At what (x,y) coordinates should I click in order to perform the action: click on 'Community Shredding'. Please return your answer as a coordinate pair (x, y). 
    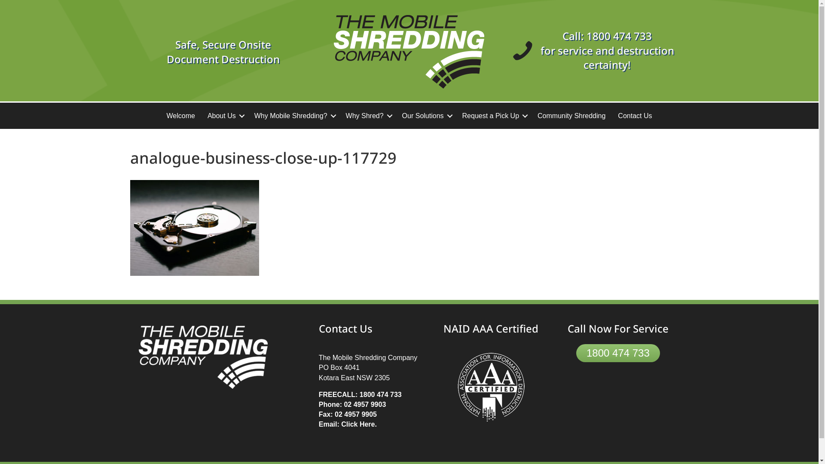
    Looking at the image, I should click on (531, 115).